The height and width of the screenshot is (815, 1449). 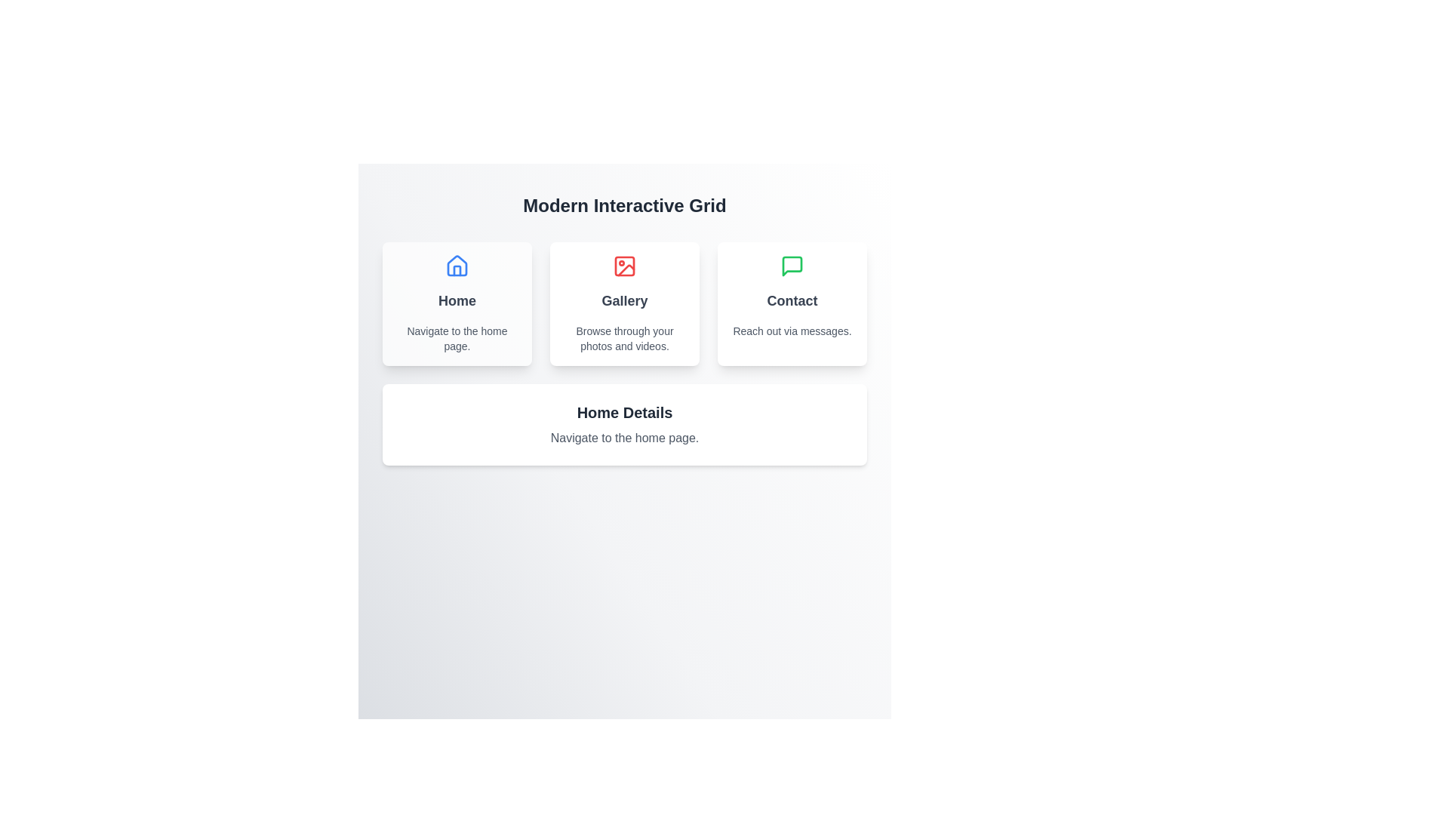 What do you see at coordinates (456, 264) in the screenshot?
I see `the 'Home' icon which is located within the 'Home' card, positioned centrally above the text 'Home'` at bounding box center [456, 264].